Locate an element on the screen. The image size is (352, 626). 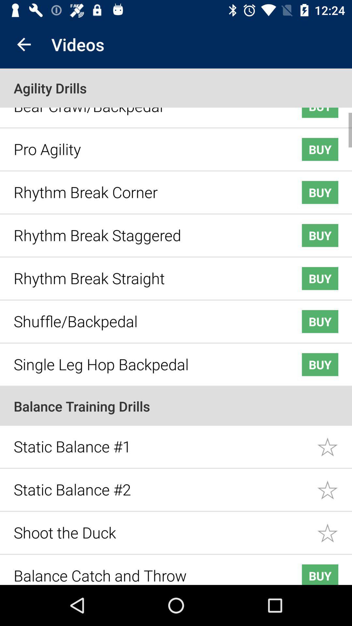
the icon next to buy icon is located at coordinates (147, 110).